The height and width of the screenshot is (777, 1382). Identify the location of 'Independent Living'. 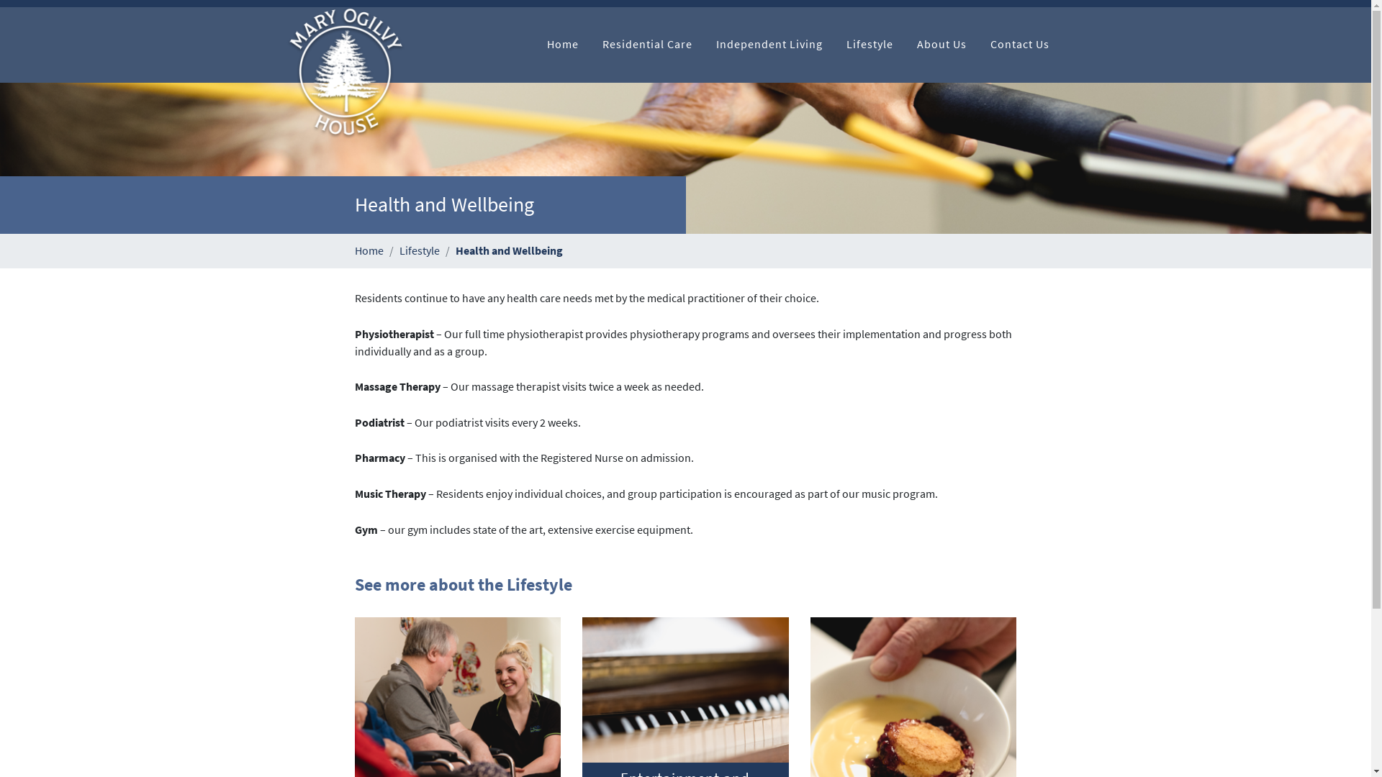
(769, 43).